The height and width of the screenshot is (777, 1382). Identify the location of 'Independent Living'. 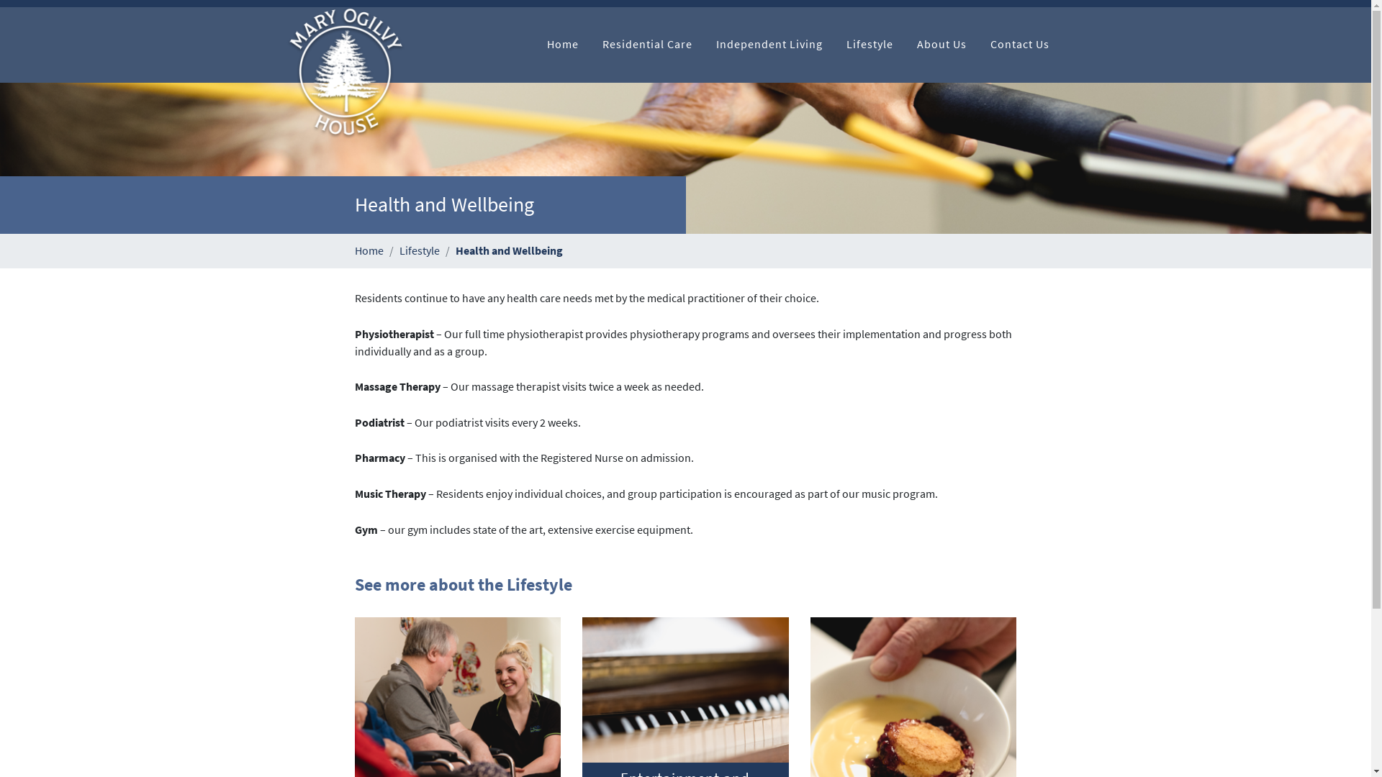
(769, 43).